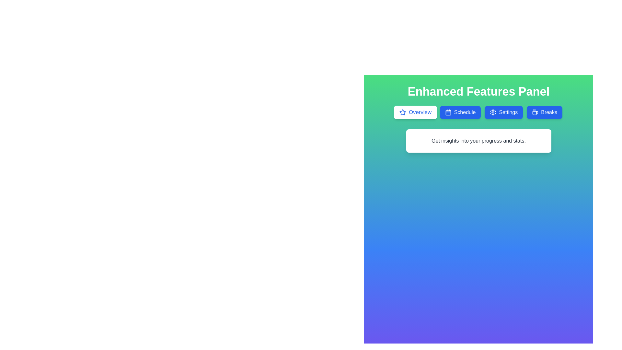  I want to click on the 'Schedule' icon, which is a rounded rectangle-shaped calendar icon with a blue fill, located as the second button from the left in the navigation bar, so click(448, 112).